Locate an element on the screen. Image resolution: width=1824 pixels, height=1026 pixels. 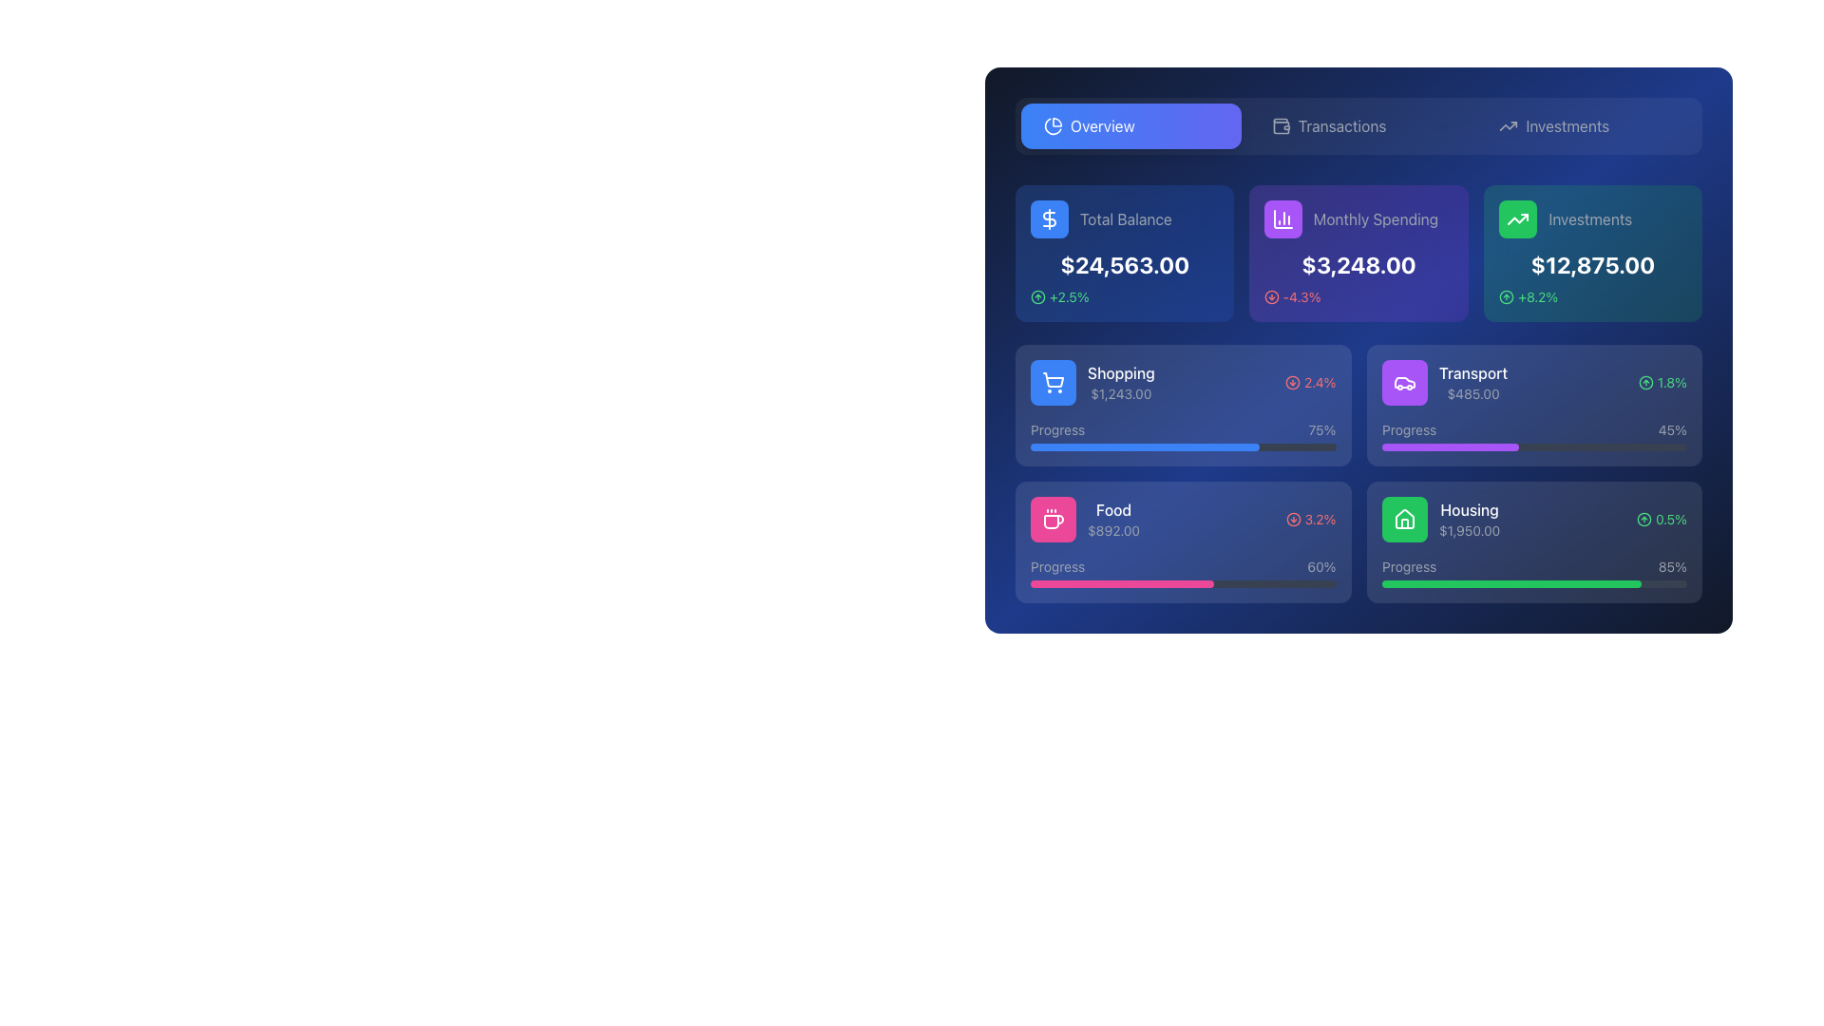
the upward circular arrow icon, which is styled with thin lines and indicates a positive trend, located to the left of the '1.8%' green percentage value is located at coordinates (1644, 382).